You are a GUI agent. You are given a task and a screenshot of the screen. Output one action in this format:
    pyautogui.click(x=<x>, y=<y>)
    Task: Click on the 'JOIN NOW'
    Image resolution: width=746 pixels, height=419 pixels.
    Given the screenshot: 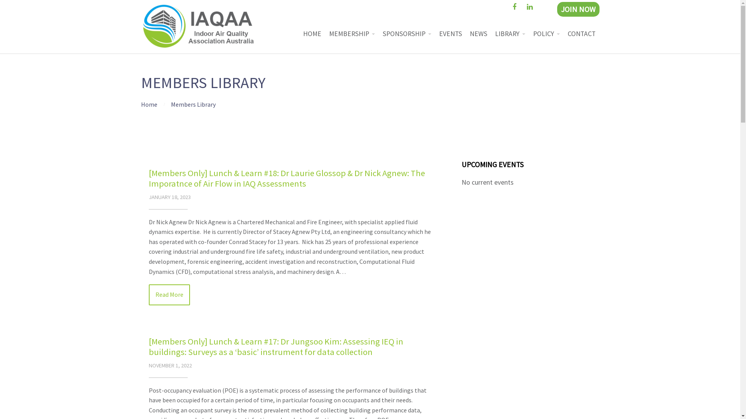 What is the action you would take?
    pyautogui.click(x=578, y=9)
    